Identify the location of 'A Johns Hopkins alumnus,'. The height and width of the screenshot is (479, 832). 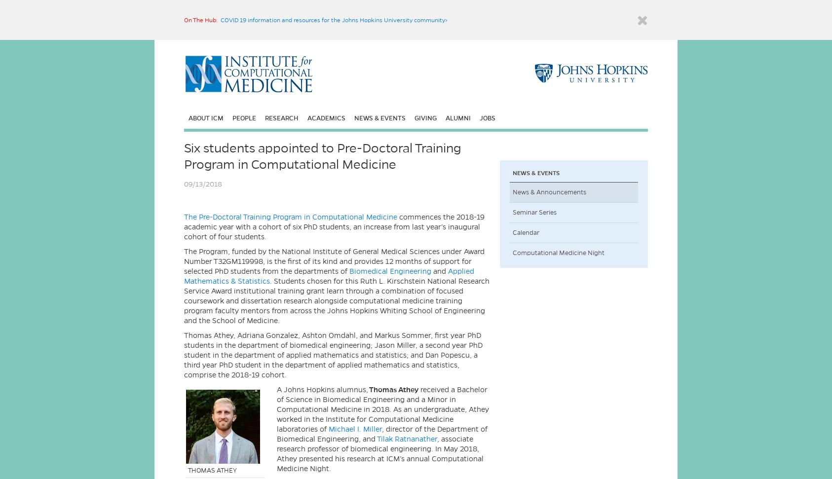
(276, 389).